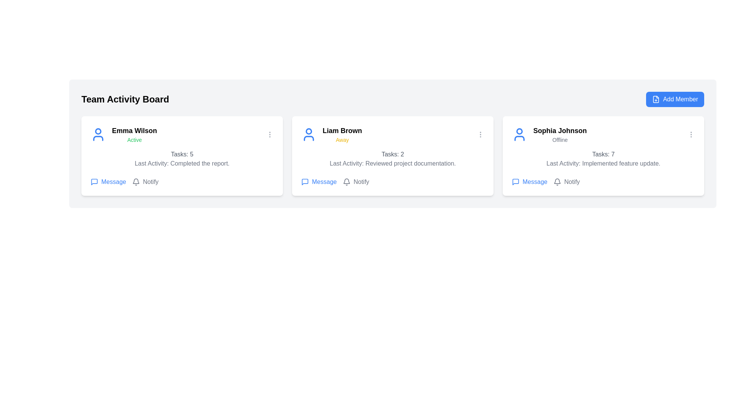 The width and height of the screenshot is (734, 413). I want to click on the text label displaying 'Last Activity: Reviewed project documentation.' within the user activity card for Liam Brown, so click(393, 163).